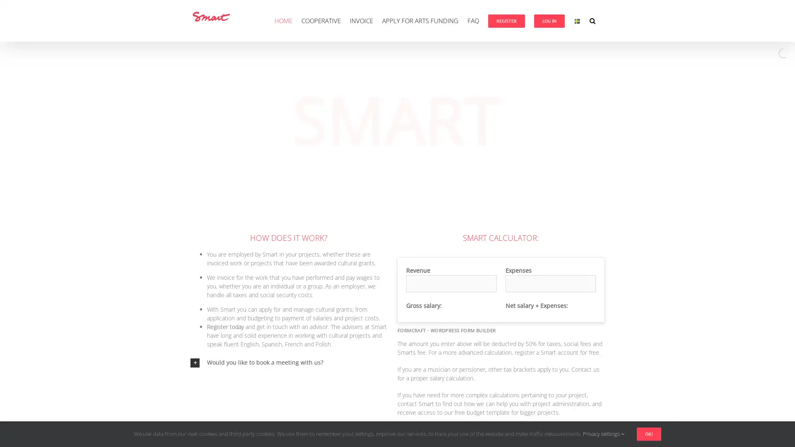  What do you see at coordinates (288, 362) in the screenshot?
I see `Would you like to book a meeting with us?` at bounding box center [288, 362].